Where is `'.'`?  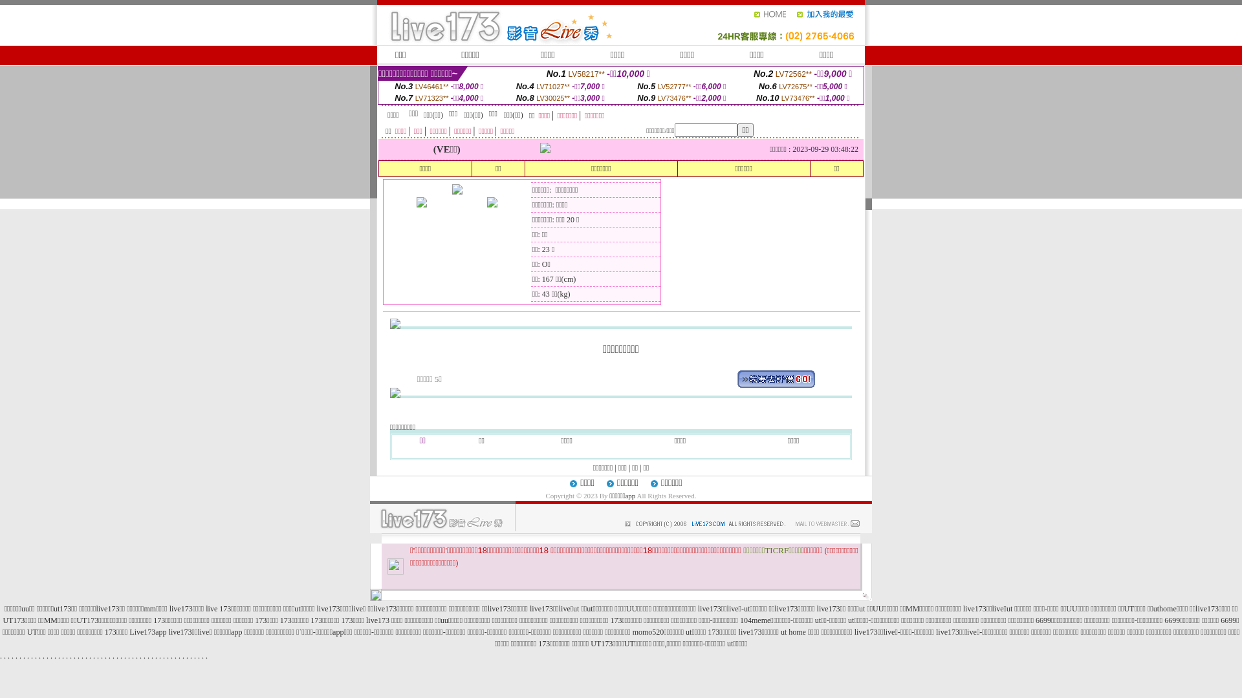 '.' is located at coordinates (36, 655).